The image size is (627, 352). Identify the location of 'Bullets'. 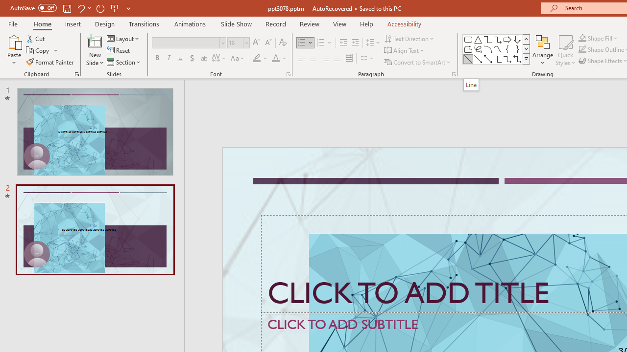
(301, 42).